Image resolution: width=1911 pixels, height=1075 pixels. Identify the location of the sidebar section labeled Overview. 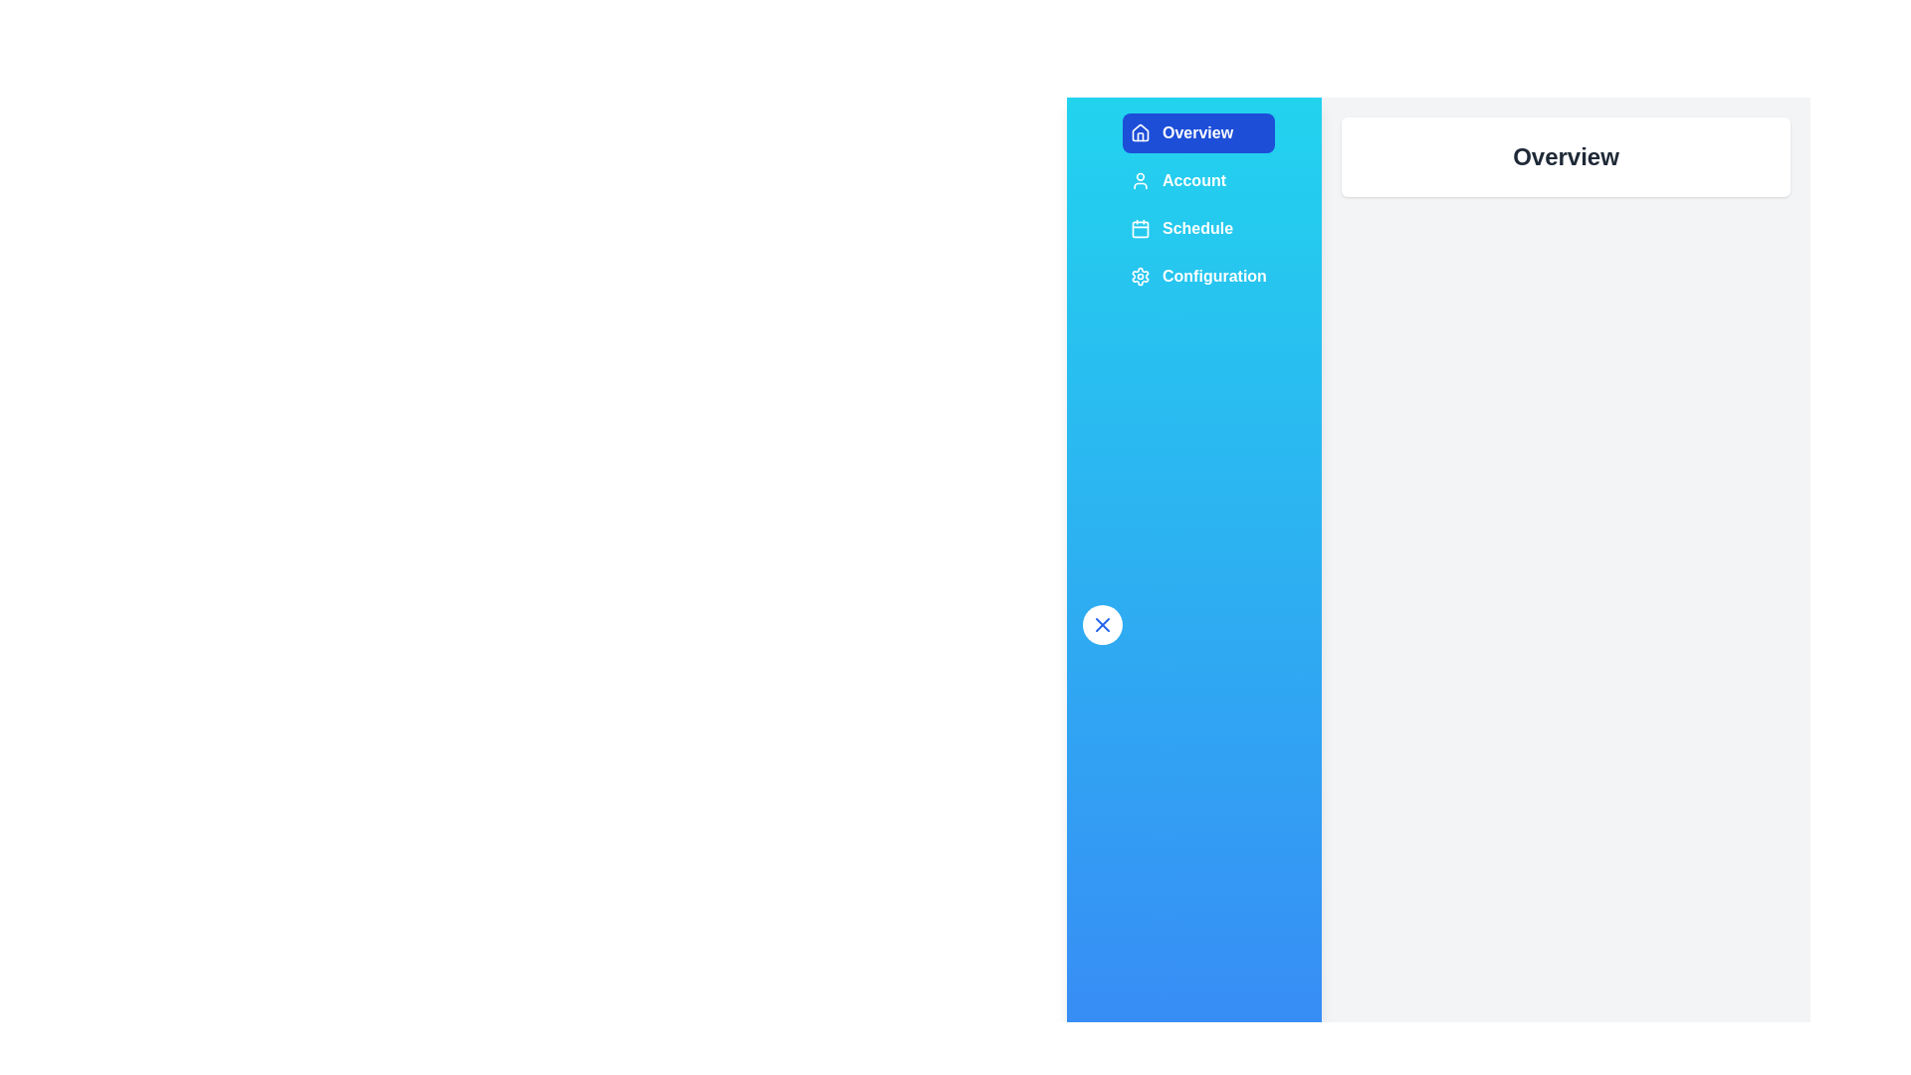
(1197, 133).